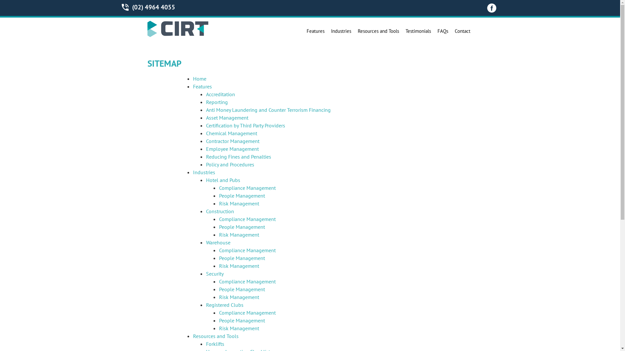 This screenshot has height=351, width=625. I want to click on 'Home', so click(199, 78).